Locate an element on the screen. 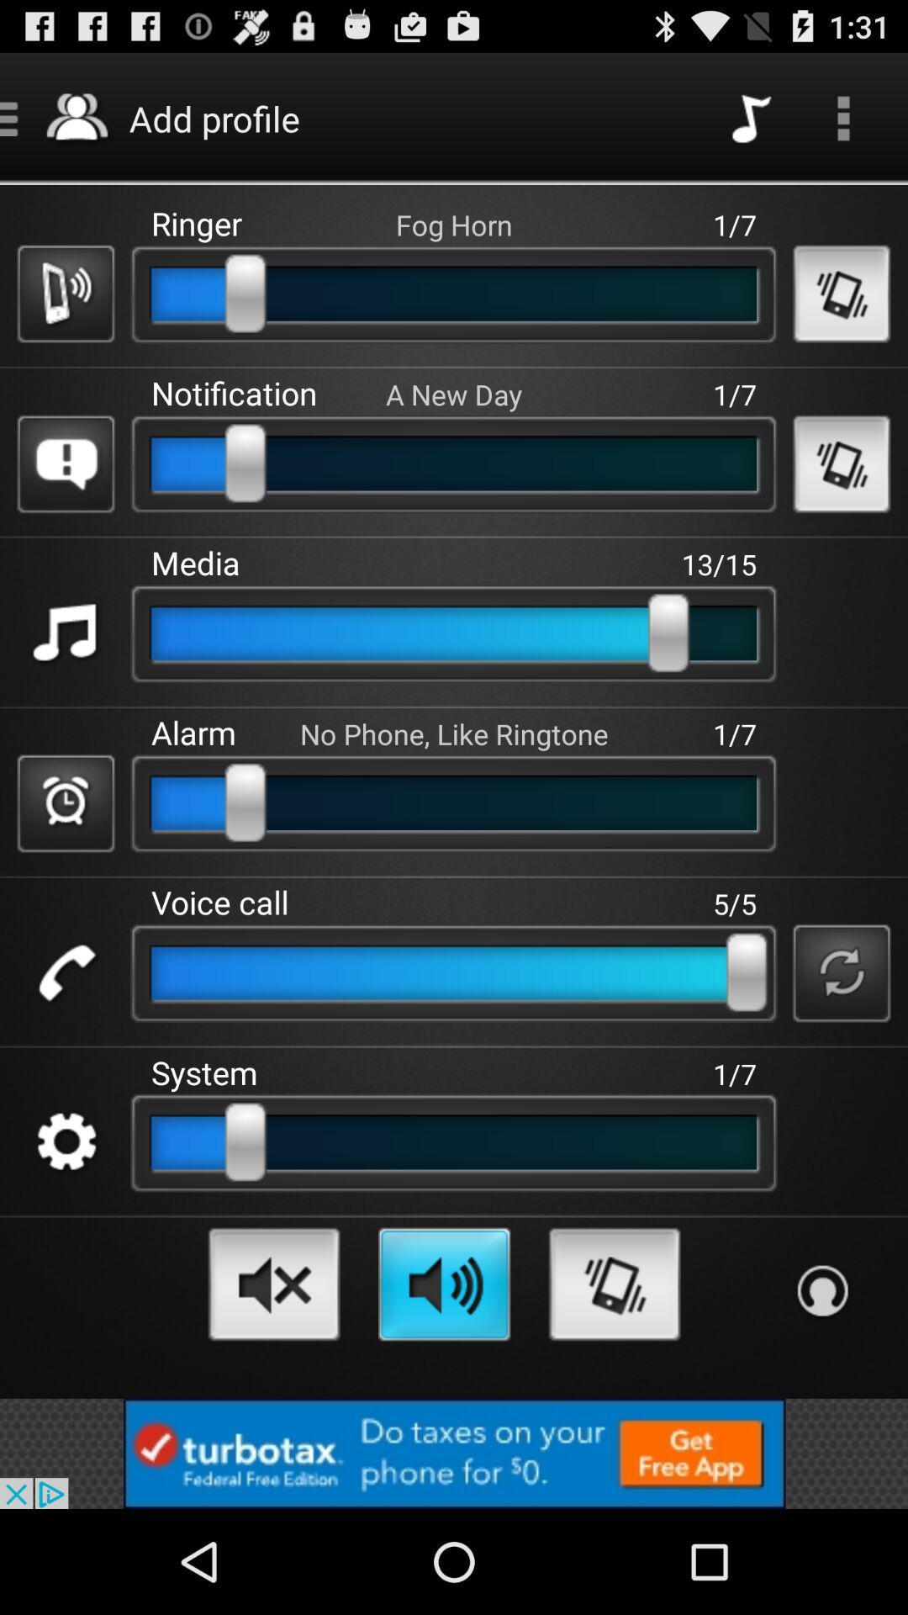  click button is located at coordinates (65, 633).